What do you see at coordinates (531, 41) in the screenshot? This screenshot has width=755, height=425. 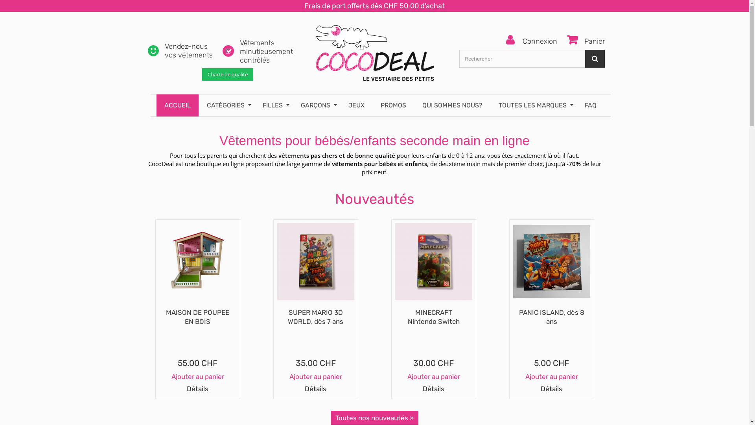 I see `'Connexion'` at bounding box center [531, 41].